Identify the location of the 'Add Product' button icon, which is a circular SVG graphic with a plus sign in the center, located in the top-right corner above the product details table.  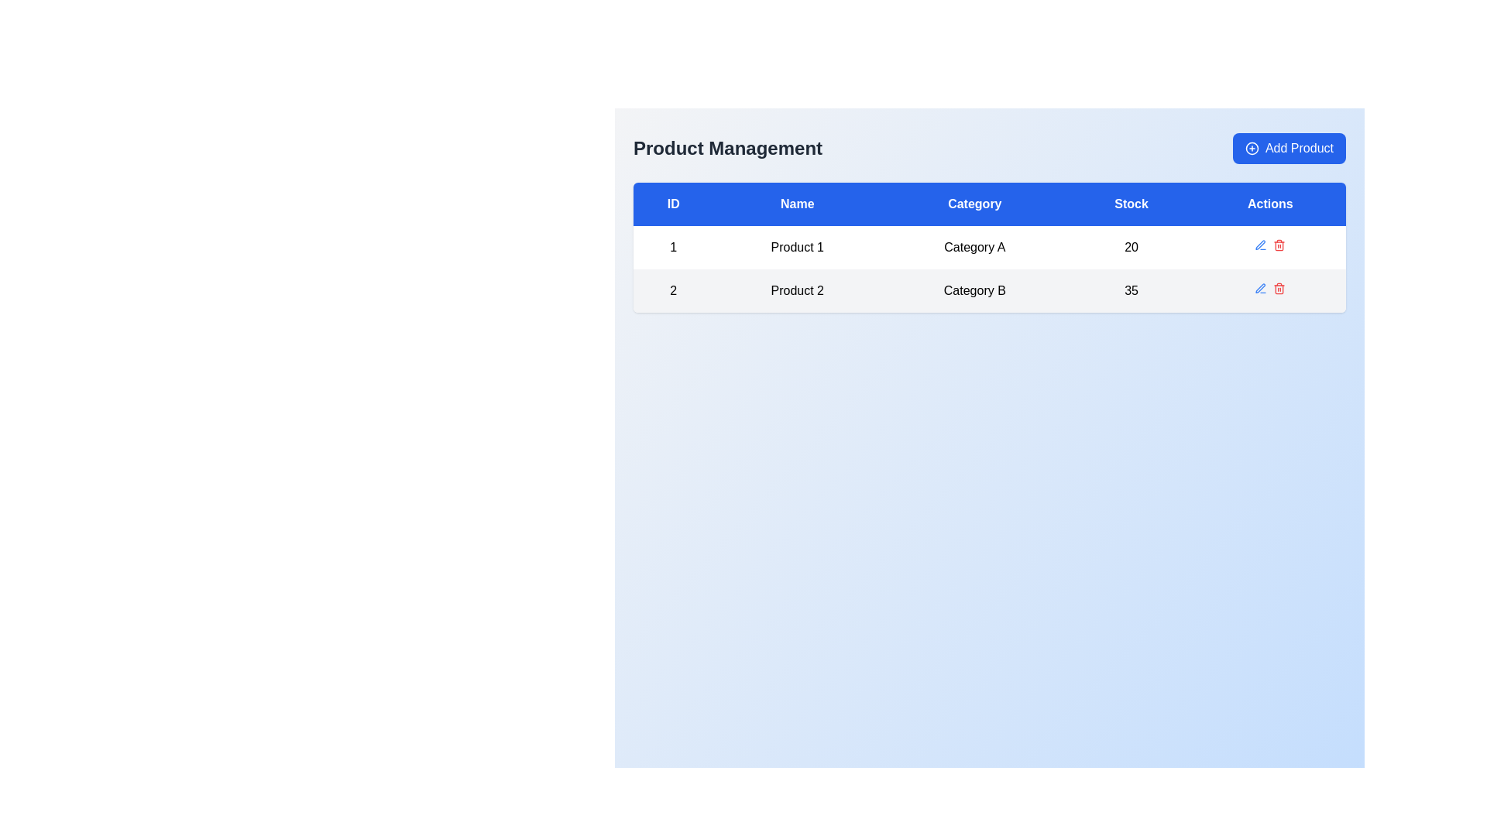
(1252, 149).